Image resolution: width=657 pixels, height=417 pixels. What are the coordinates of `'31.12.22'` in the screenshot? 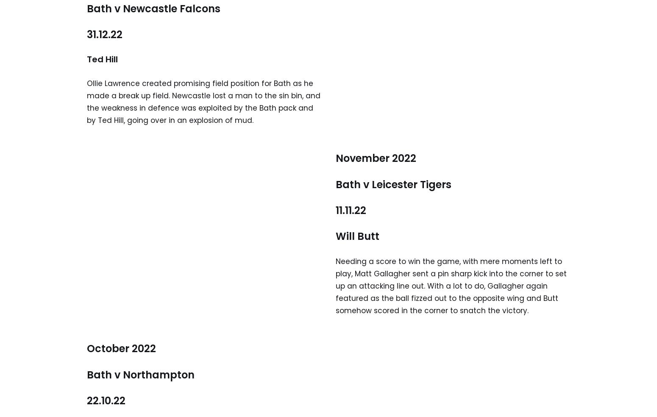 It's located at (105, 33).